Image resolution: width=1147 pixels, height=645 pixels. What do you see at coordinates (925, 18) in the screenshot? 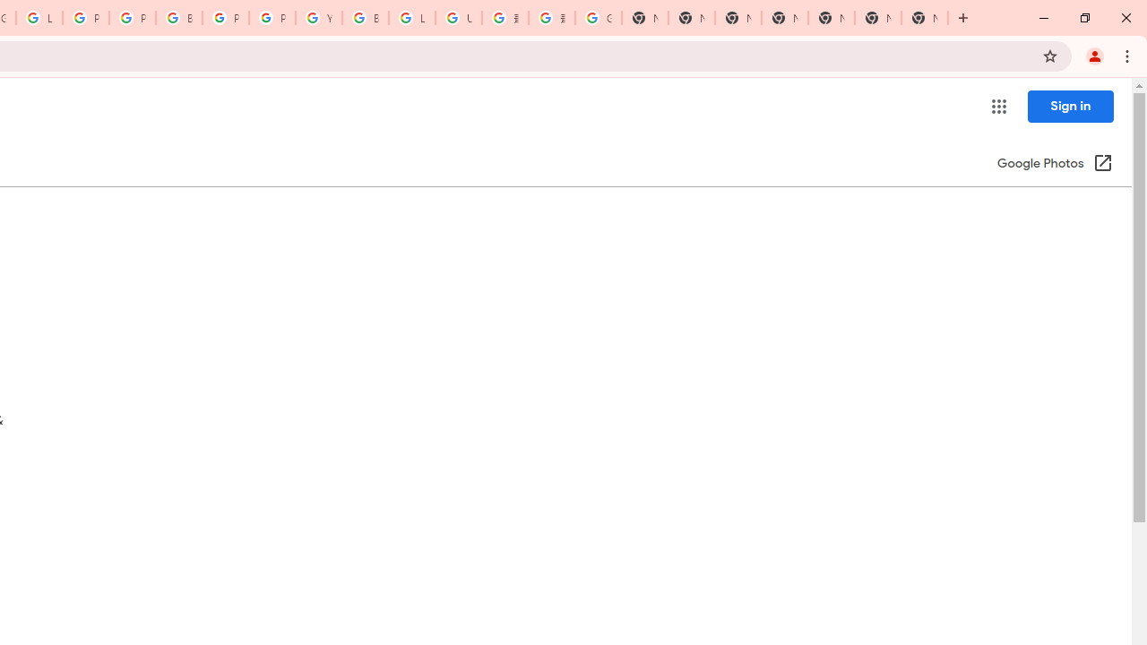
I see `'New Tab'` at bounding box center [925, 18].